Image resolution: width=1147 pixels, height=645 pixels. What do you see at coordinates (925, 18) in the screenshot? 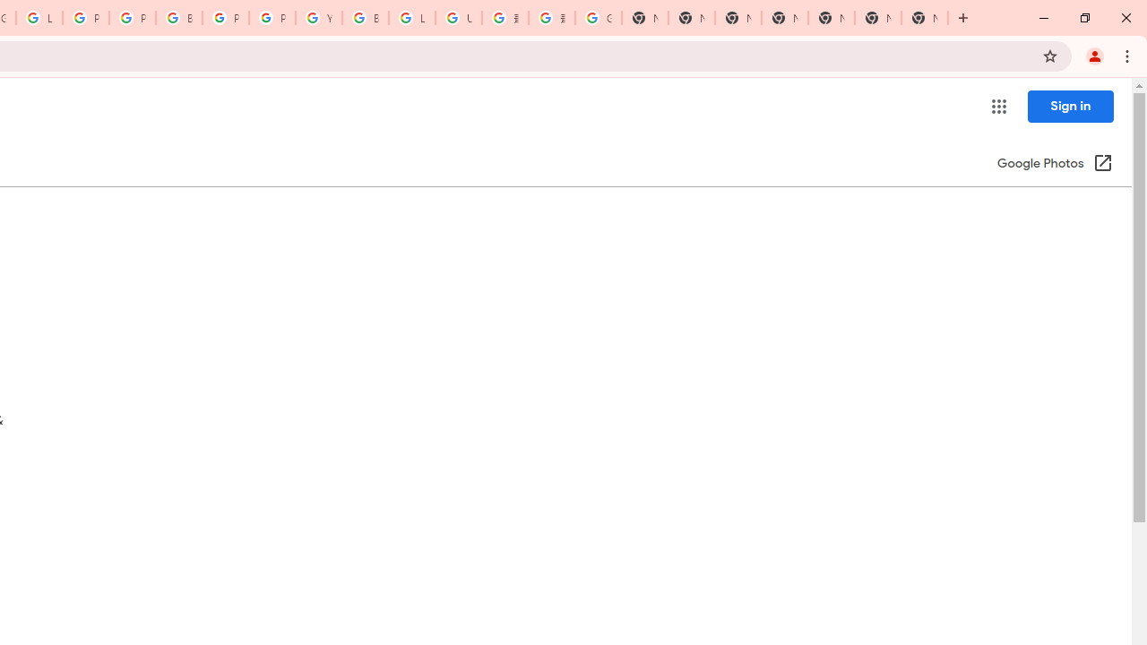
I see `'New Tab'` at bounding box center [925, 18].